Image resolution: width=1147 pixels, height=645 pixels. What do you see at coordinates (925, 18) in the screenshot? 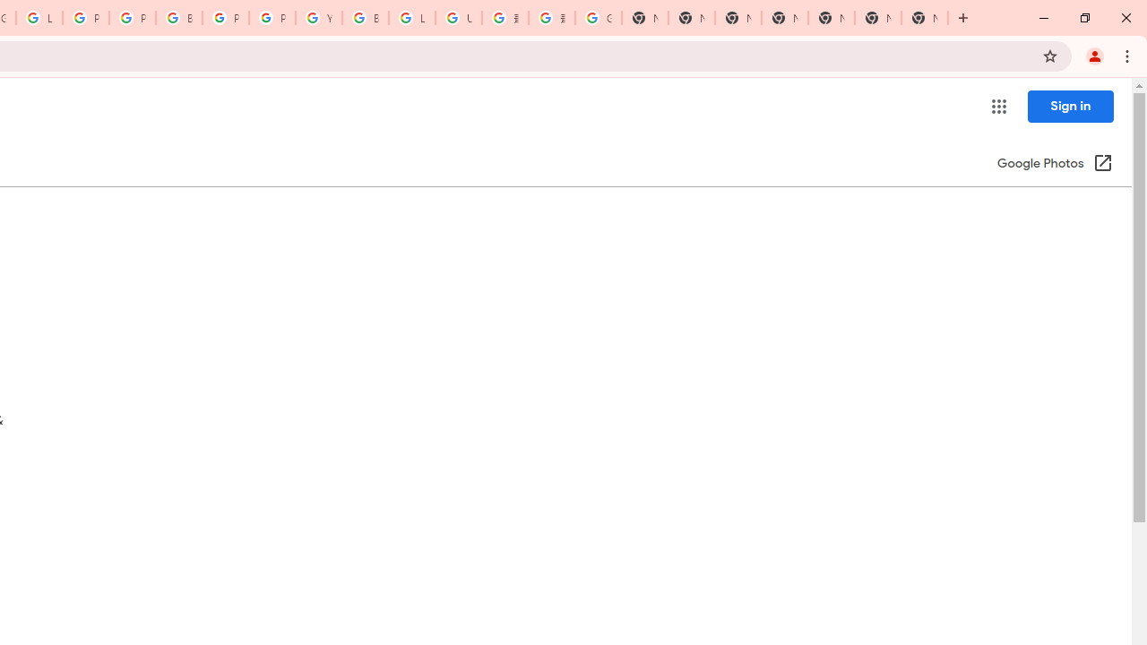
I see `'New Tab'` at bounding box center [925, 18].